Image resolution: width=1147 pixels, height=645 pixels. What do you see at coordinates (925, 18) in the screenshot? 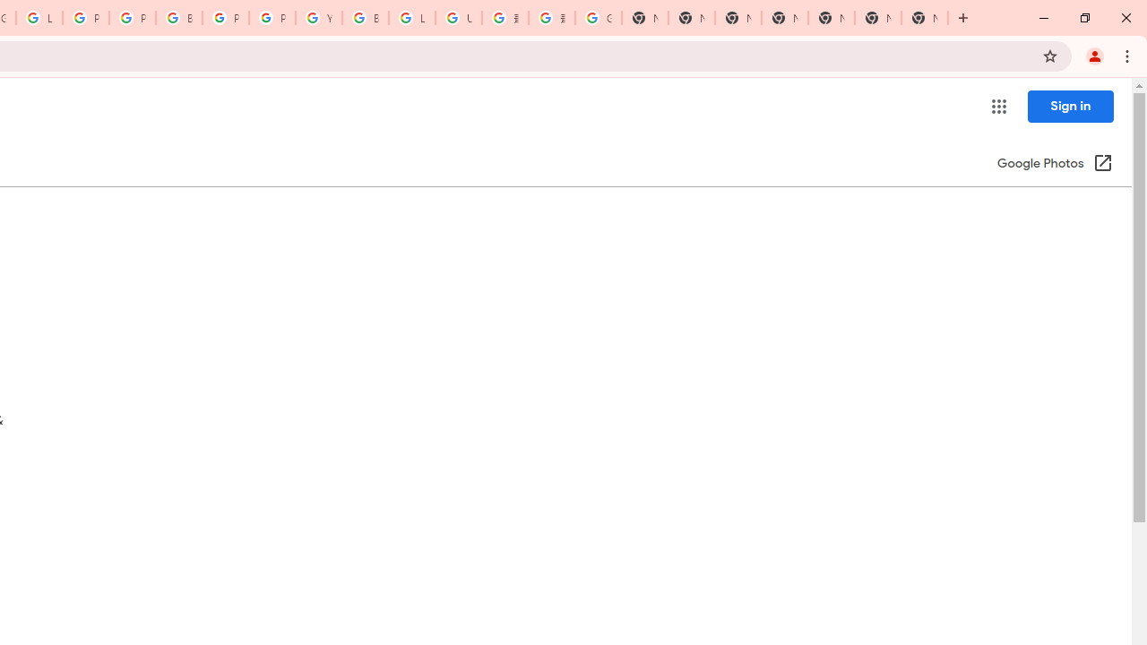
I see `'New Tab'` at bounding box center [925, 18].